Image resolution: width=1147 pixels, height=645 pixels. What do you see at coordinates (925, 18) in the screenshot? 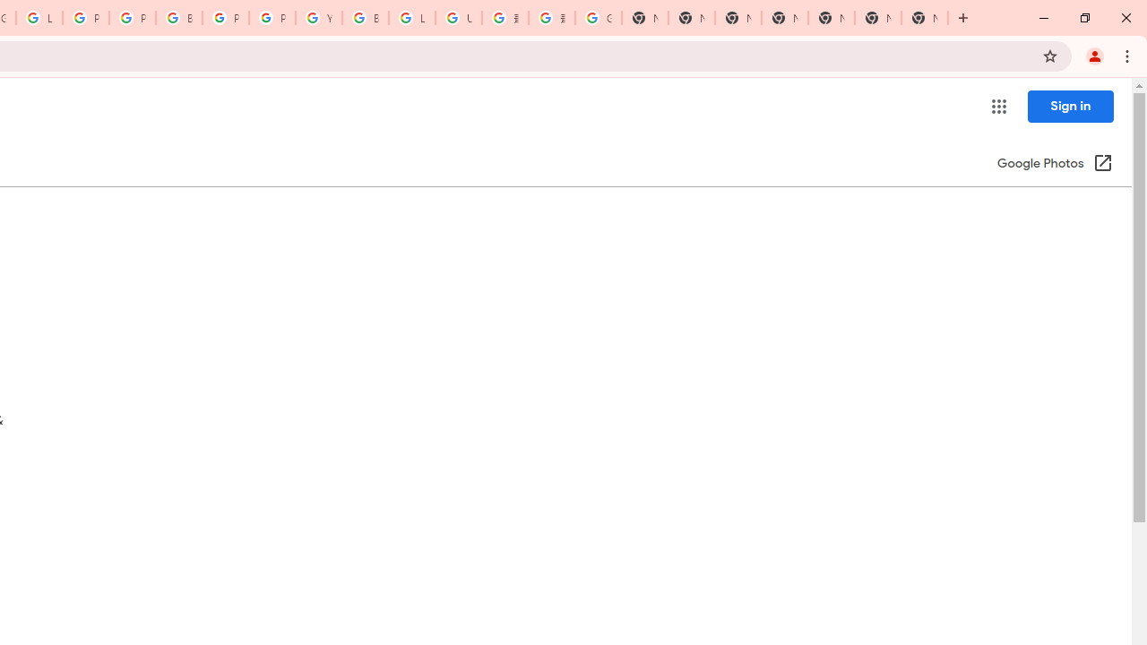
I see `'New Tab'` at bounding box center [925, 18].